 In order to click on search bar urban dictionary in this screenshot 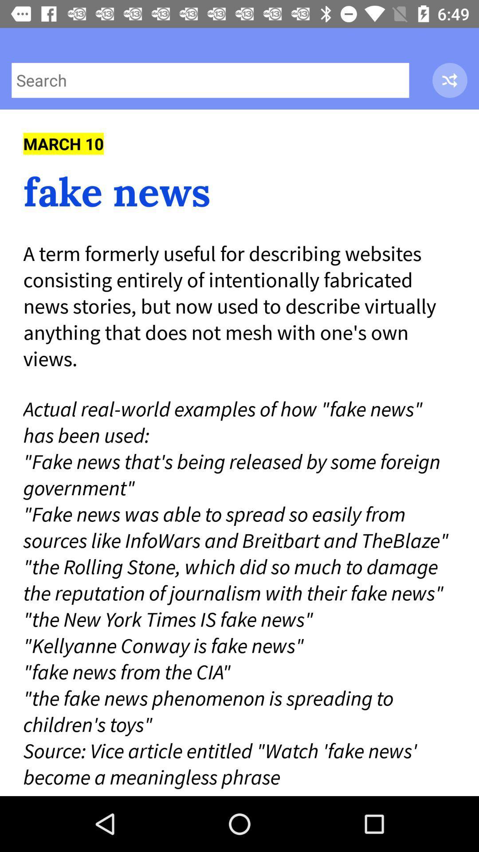, I will do `click(210, 80)`.